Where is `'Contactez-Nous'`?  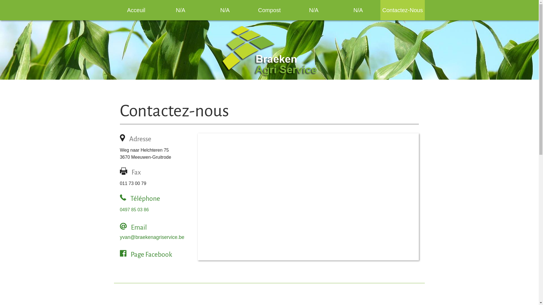 'Contactez-Nous' is located at coordinates (380, 10).